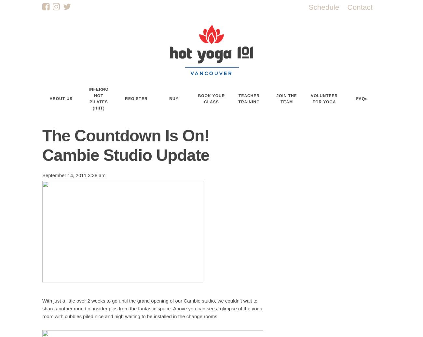  Describe the element at coordinates (73, 175) in the screenshot. I see `'September 14, 2011 3:38 am'` at that location.